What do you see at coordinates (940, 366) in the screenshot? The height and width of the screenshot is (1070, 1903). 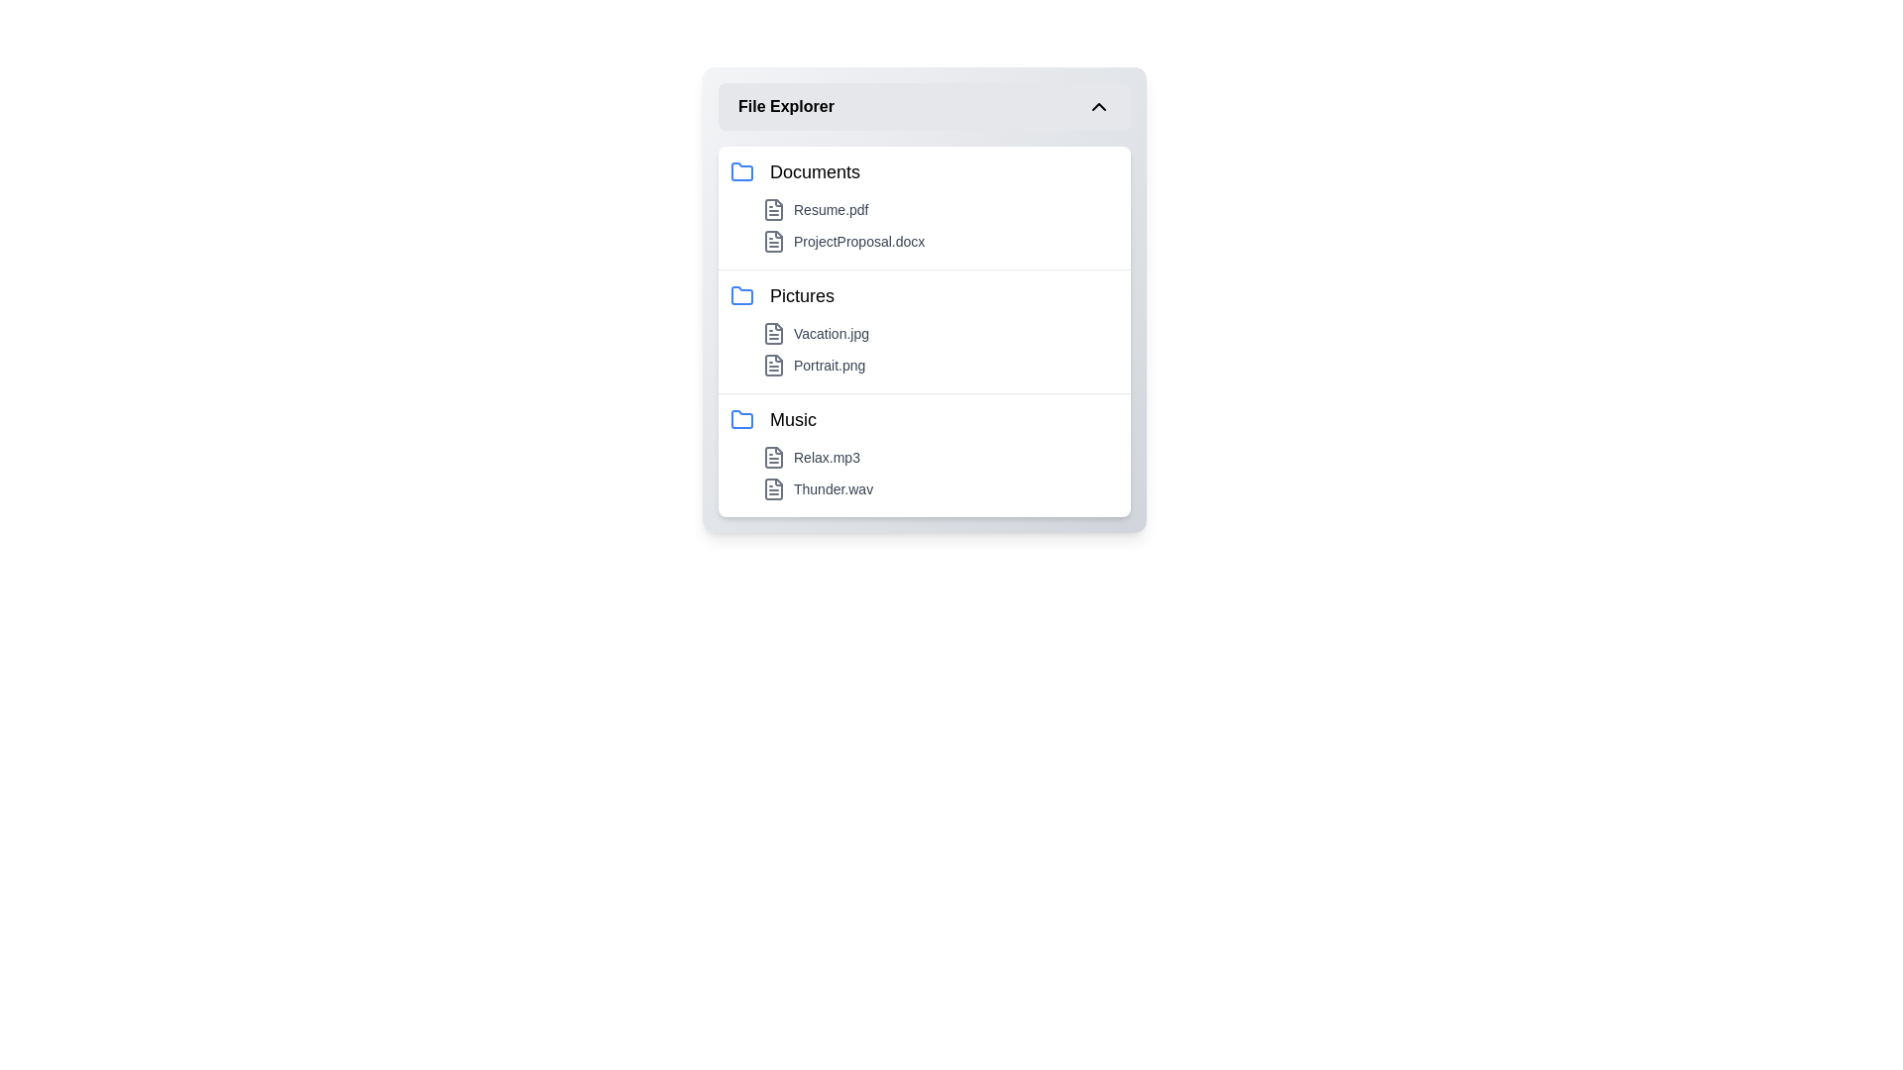 I see `the file named Portrait.png to open it` at bounding box center [940, 366].